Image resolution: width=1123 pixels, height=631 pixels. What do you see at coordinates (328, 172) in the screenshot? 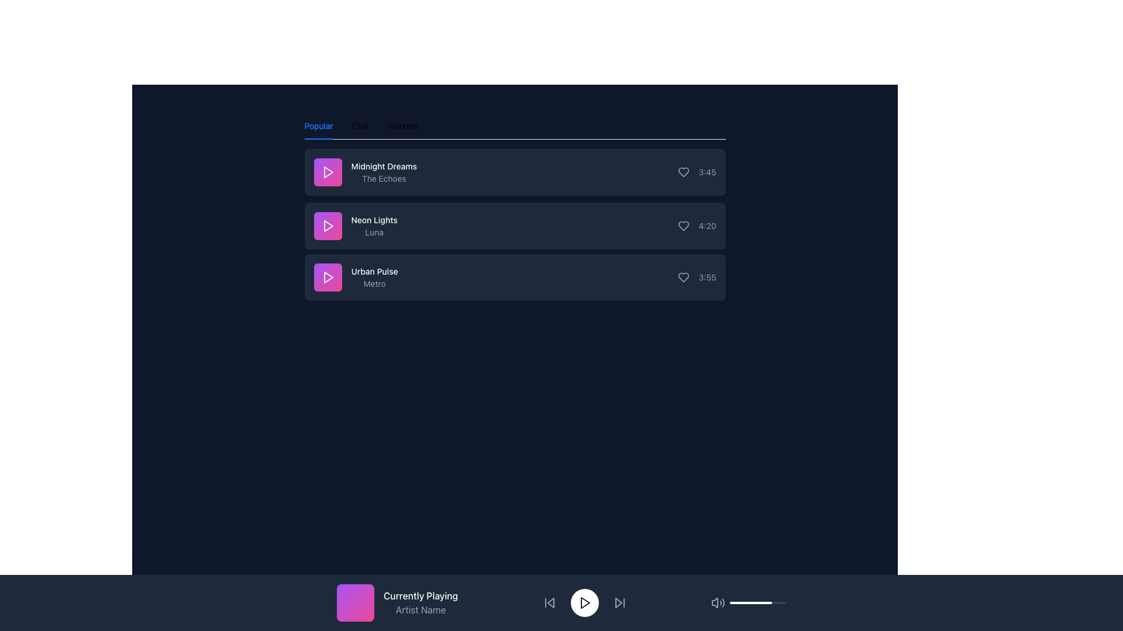
I see `the triangular play icon button located to the left of the song title 'Midnight Dreams' by 'The Echoes' in the topmost music item of the song list to play the track` at bounding box center [328, 172].